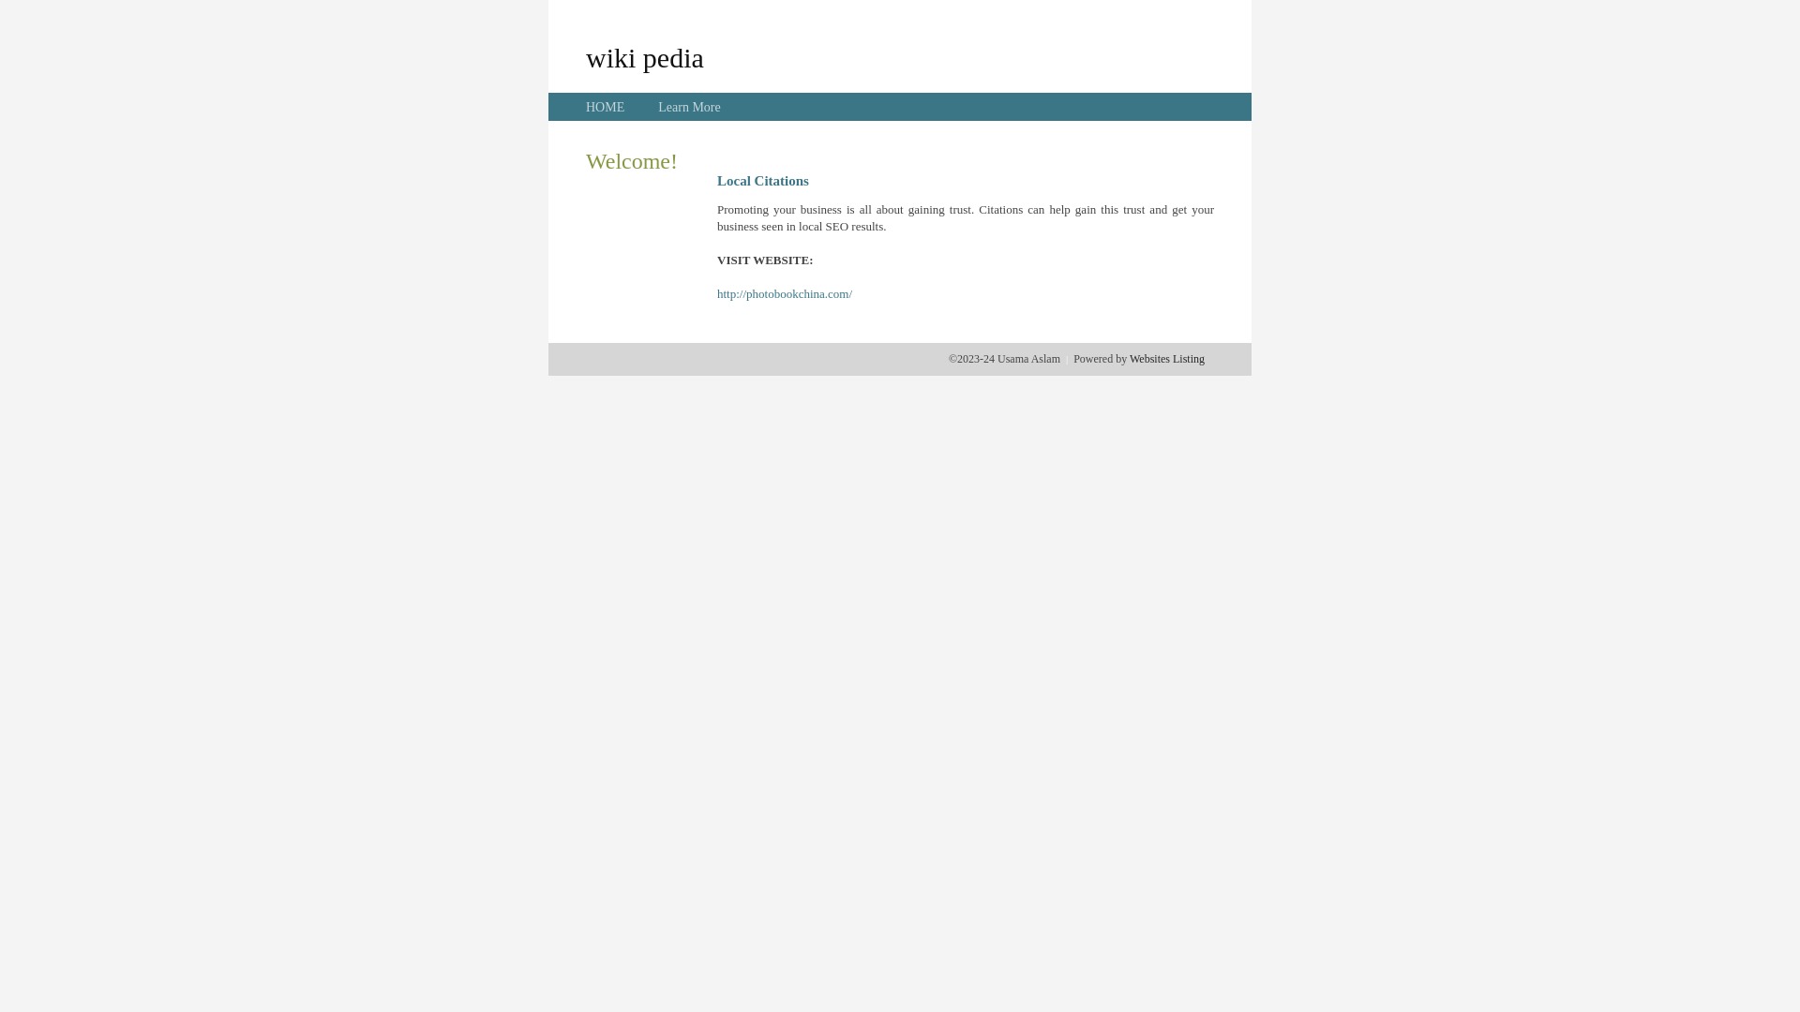  I want to click on 'Learn More', so click(657, 107).